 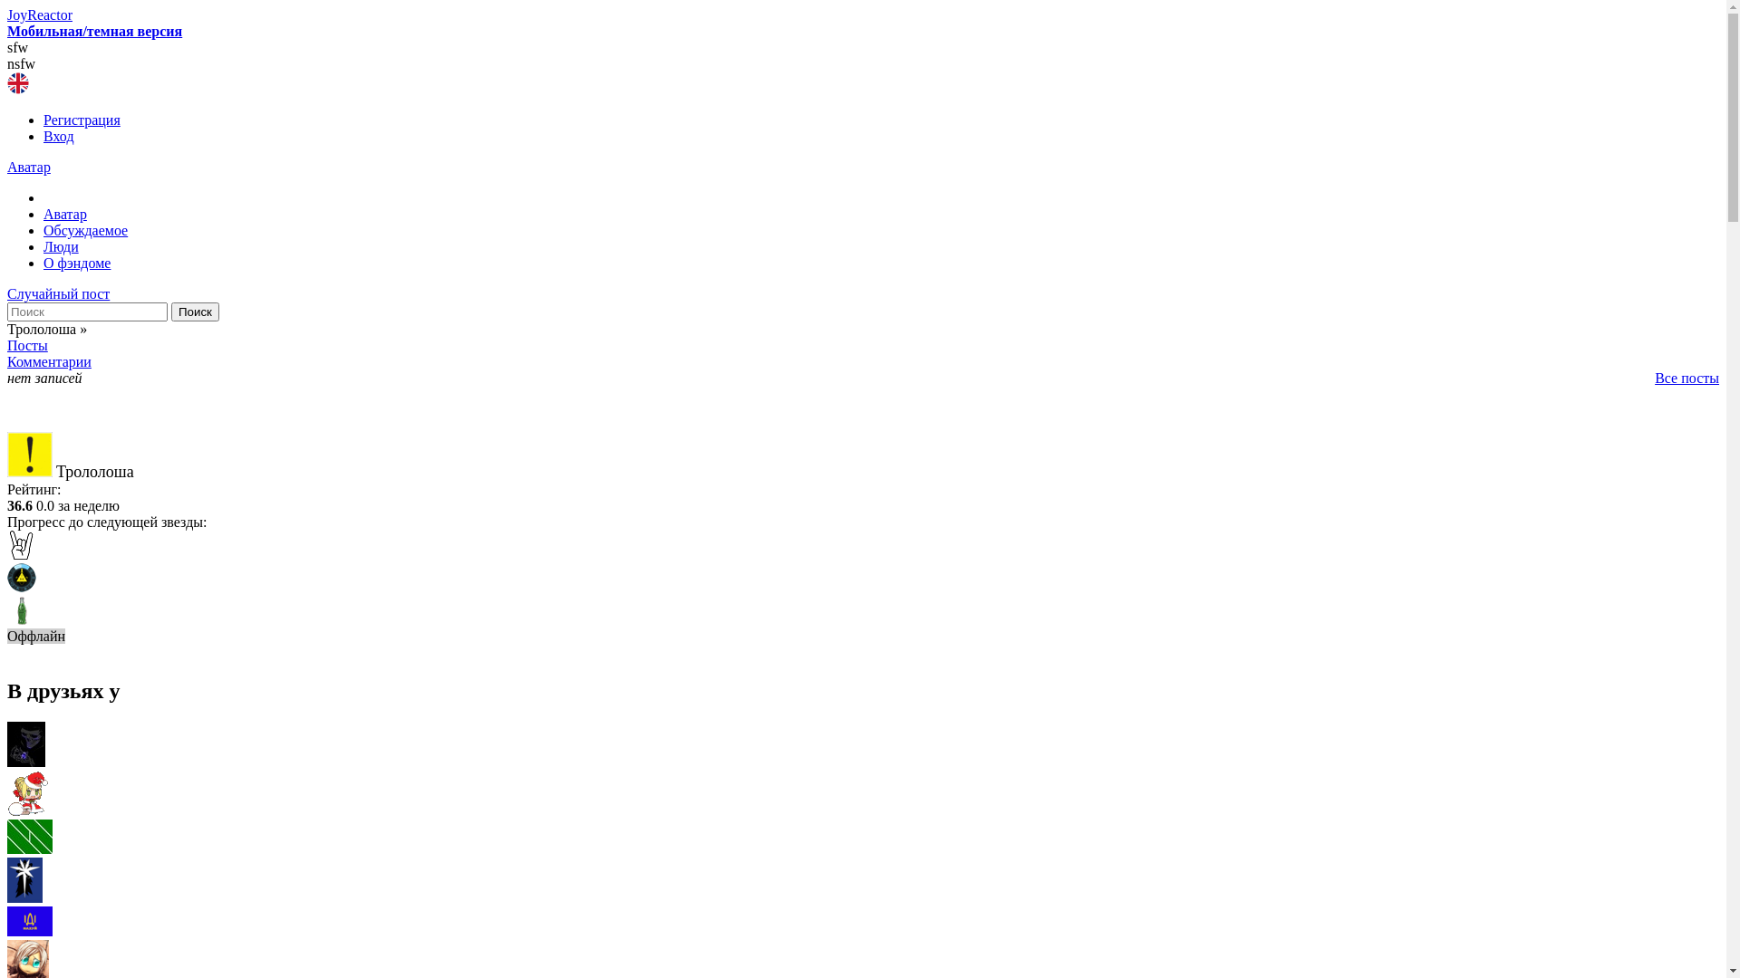 I want to click on 'JoyReactor', so click(x=39, y=14).